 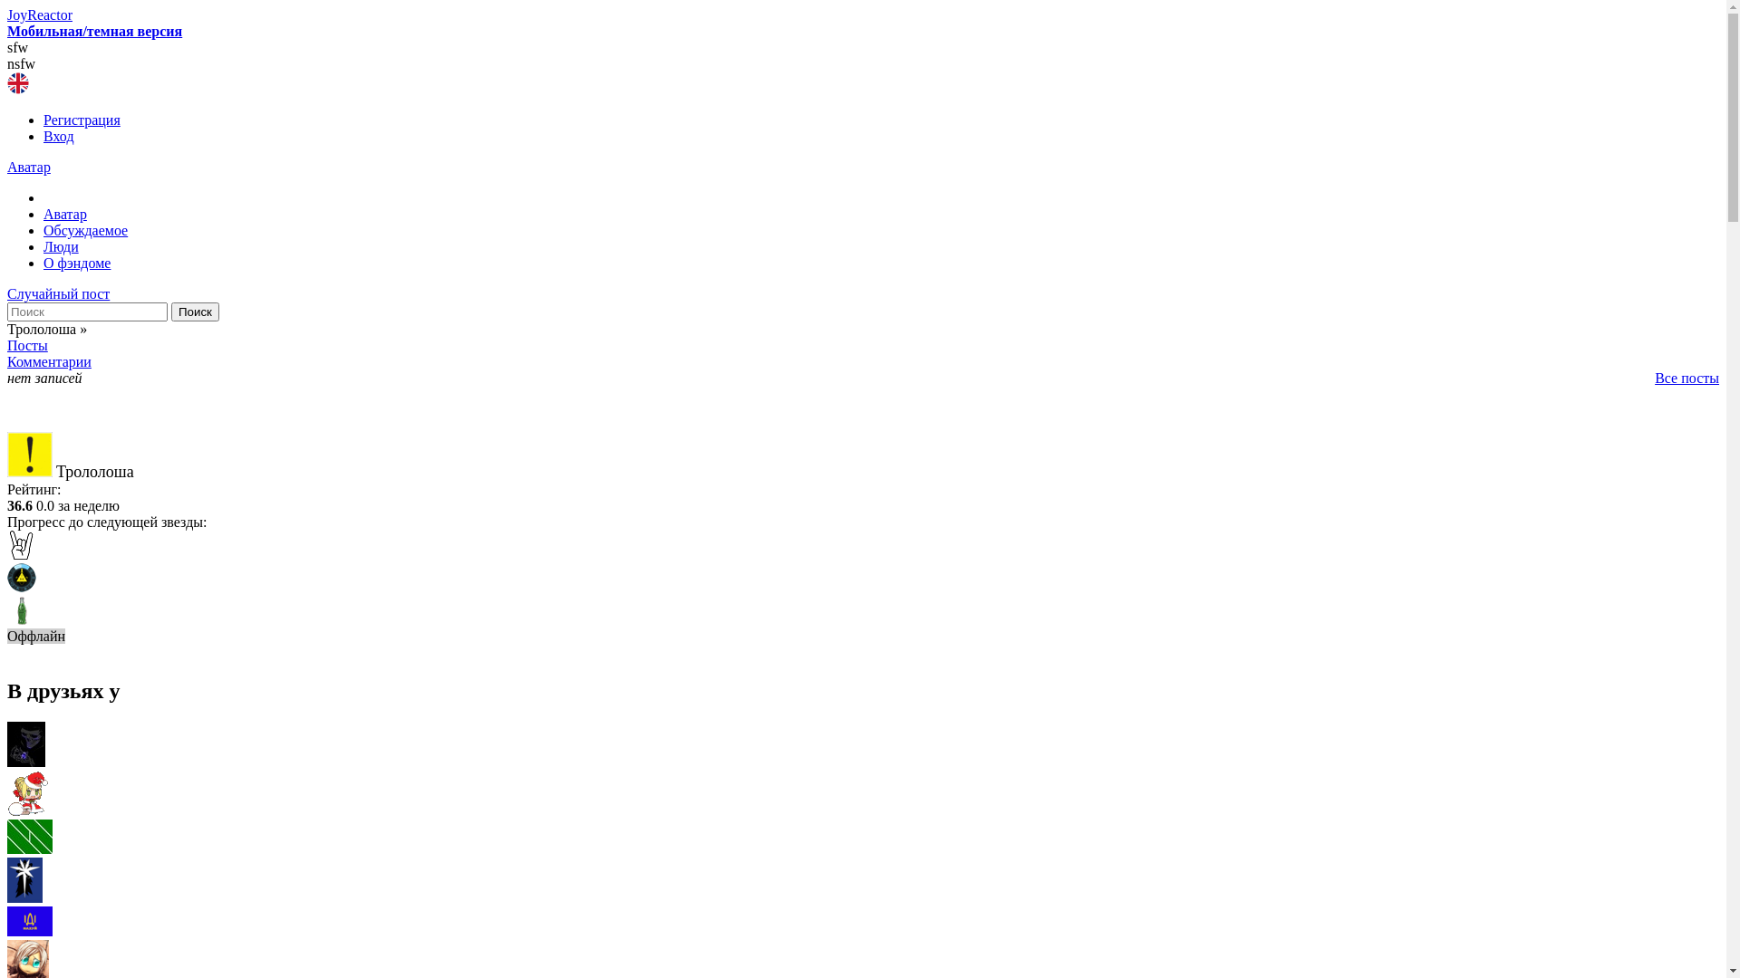 I want to click on 'JoyReactor', so click(x=39, y=14).